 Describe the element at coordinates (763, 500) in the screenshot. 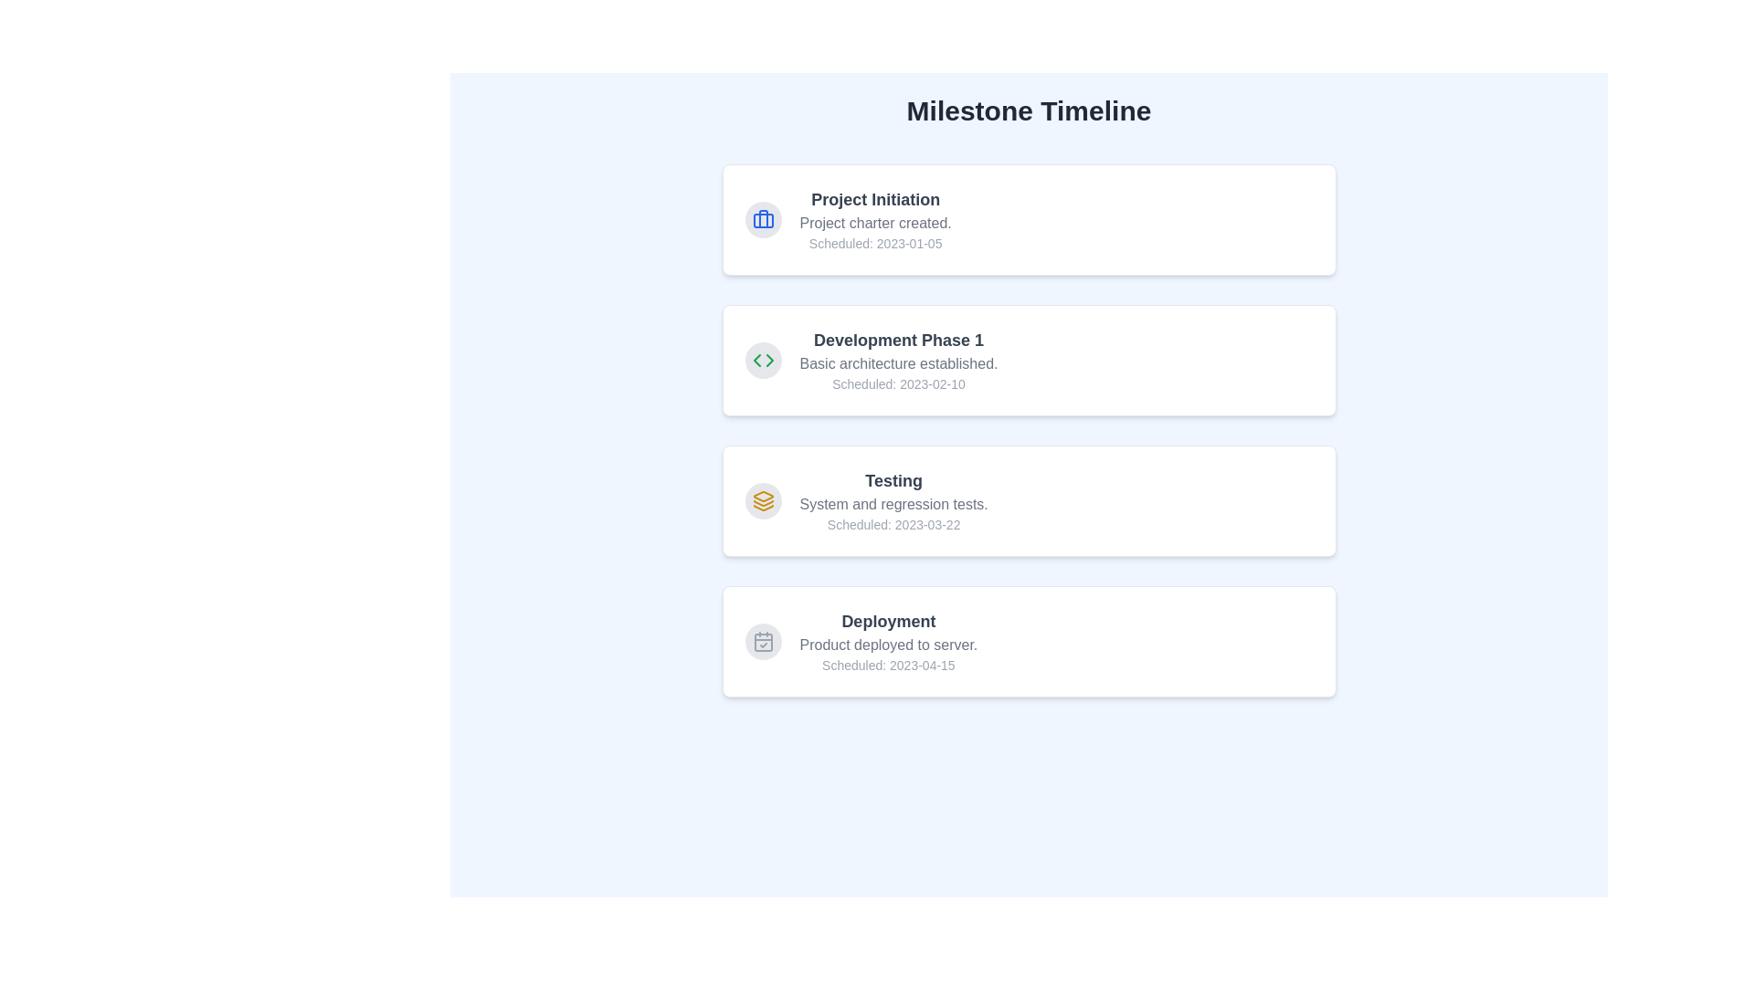

I see `yellow stacked layers icon located in the third entry of the milestone timeline labeled 'Testing', which is centered in a circular gray background` at that location.